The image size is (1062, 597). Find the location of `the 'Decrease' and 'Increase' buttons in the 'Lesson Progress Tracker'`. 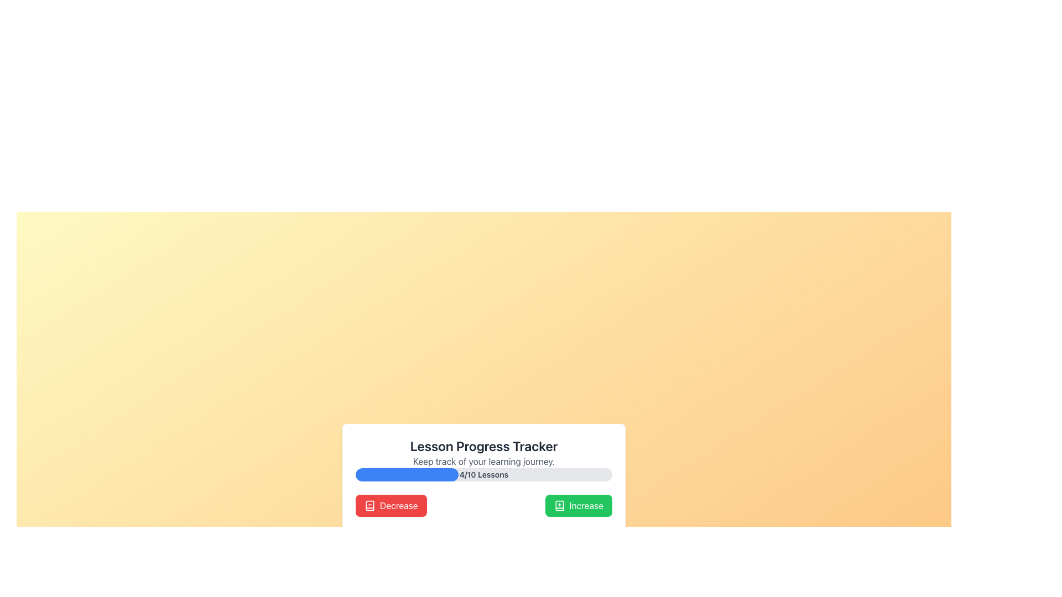

the 'Decrease' and 'Increase' buttons in the 'Lesson Progress Tracker' is located at coordinates (483, 510).